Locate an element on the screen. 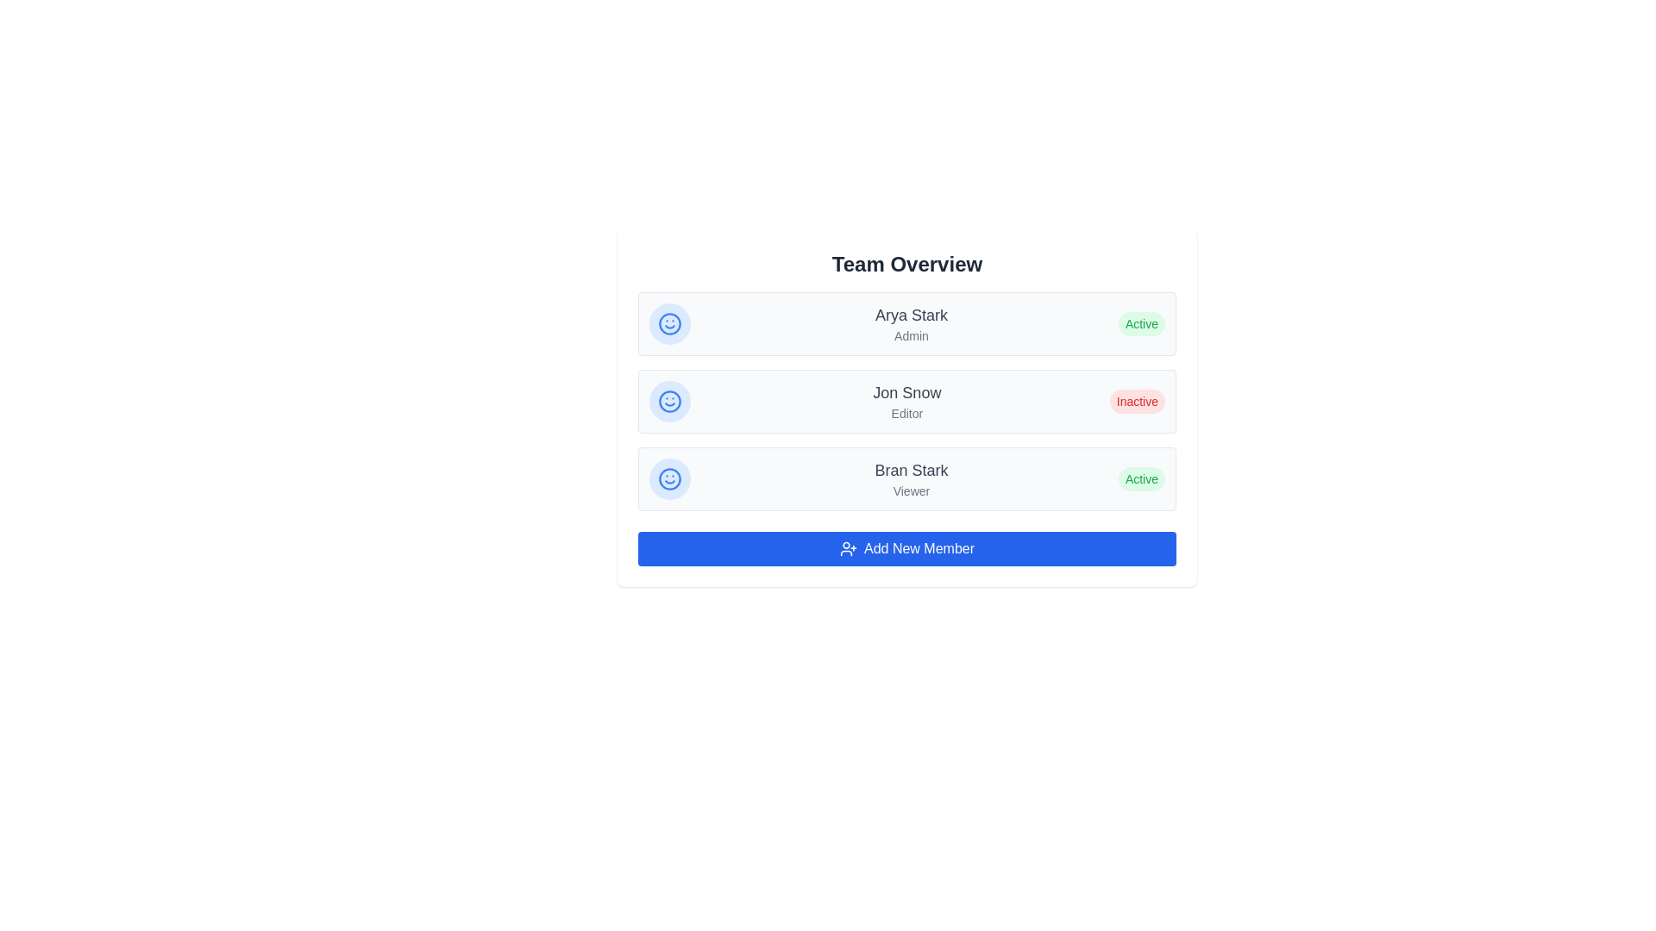 The image size is (1656, 931). the visual icon component located on the left side of the second row in the team overview section, adjacent to the name 'Jon Snow' is located at coordinates (669, 402).